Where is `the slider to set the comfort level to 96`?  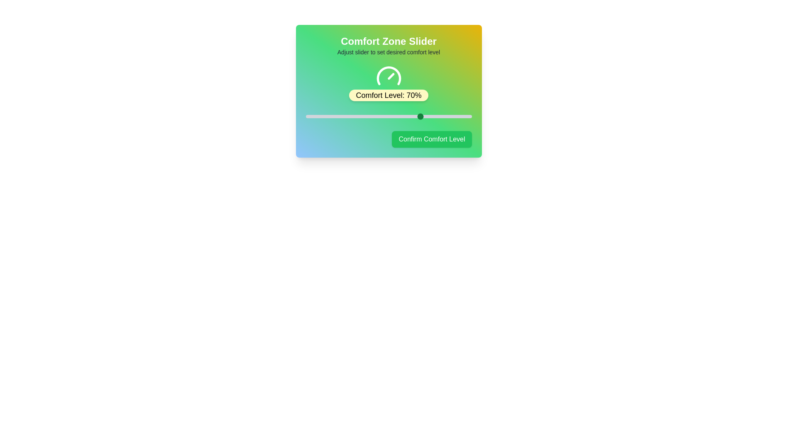
the slider to set the comfort level to 96 is located at coordinates (465, 117).